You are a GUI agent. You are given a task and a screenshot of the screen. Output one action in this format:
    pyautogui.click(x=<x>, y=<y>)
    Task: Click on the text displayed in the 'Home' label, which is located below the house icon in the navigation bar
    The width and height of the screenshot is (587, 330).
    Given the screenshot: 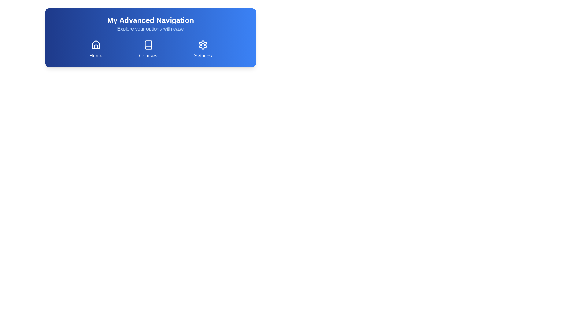 What is the action you would take?
    pyautogui.click(x=95, y=56)
    